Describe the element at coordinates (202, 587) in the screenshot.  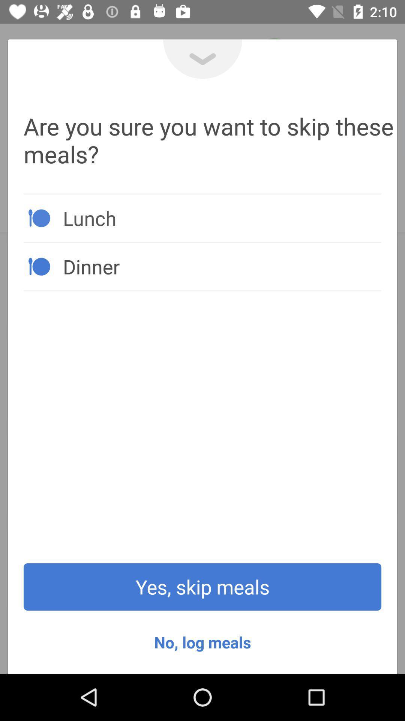
I see `icon above no, log meals` at that location.